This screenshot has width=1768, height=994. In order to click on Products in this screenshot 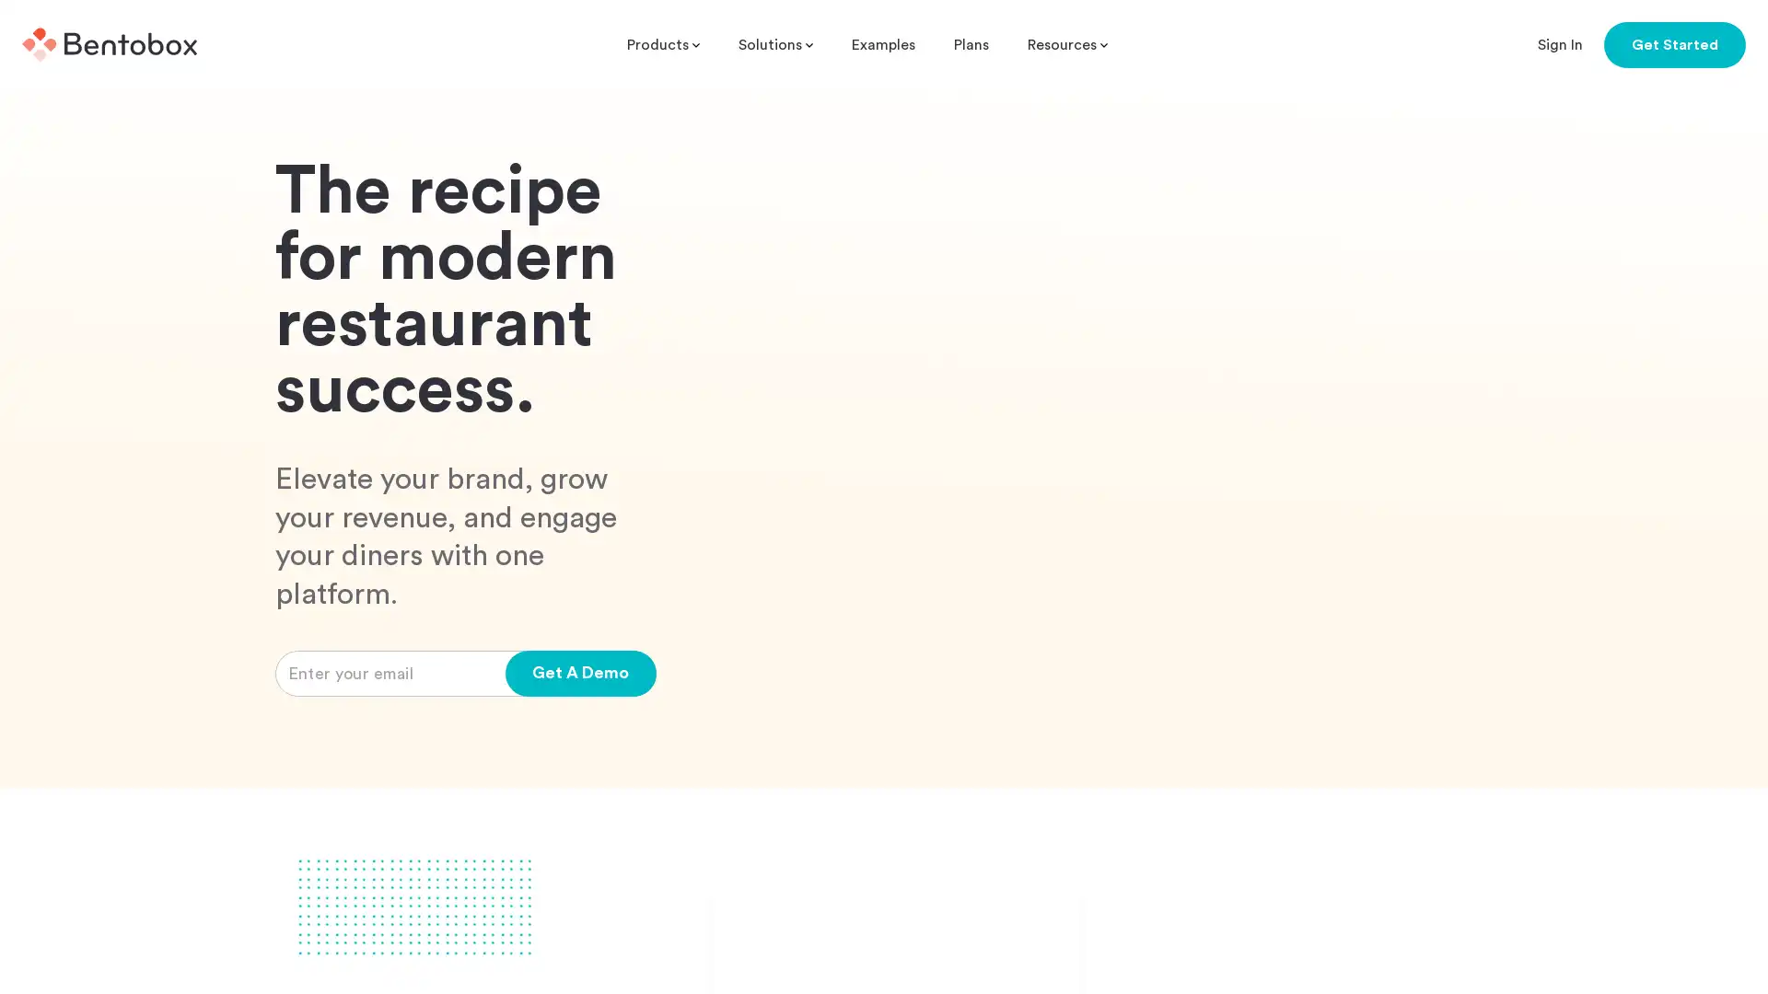, I will do `click(663, 44)`.